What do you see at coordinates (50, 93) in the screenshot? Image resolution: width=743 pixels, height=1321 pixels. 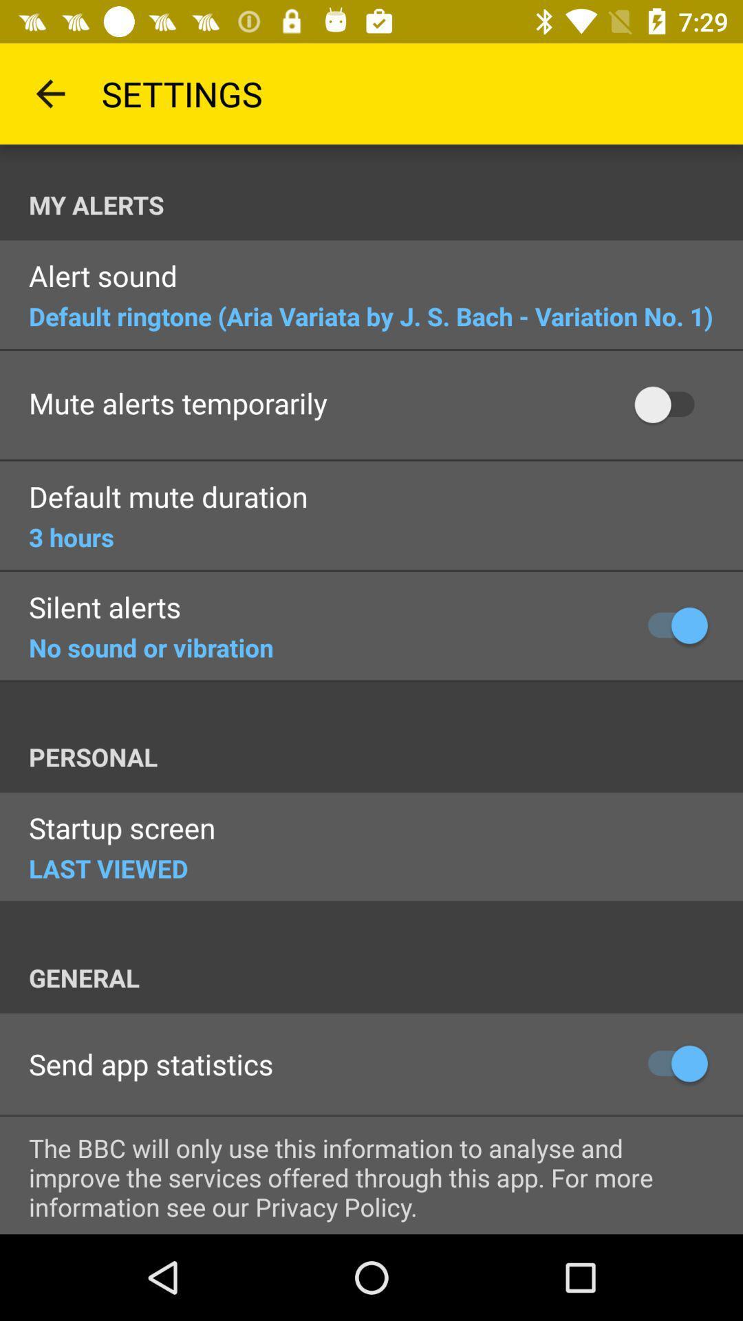 I see `icon above my alerts` at bounding box center [50, 93].